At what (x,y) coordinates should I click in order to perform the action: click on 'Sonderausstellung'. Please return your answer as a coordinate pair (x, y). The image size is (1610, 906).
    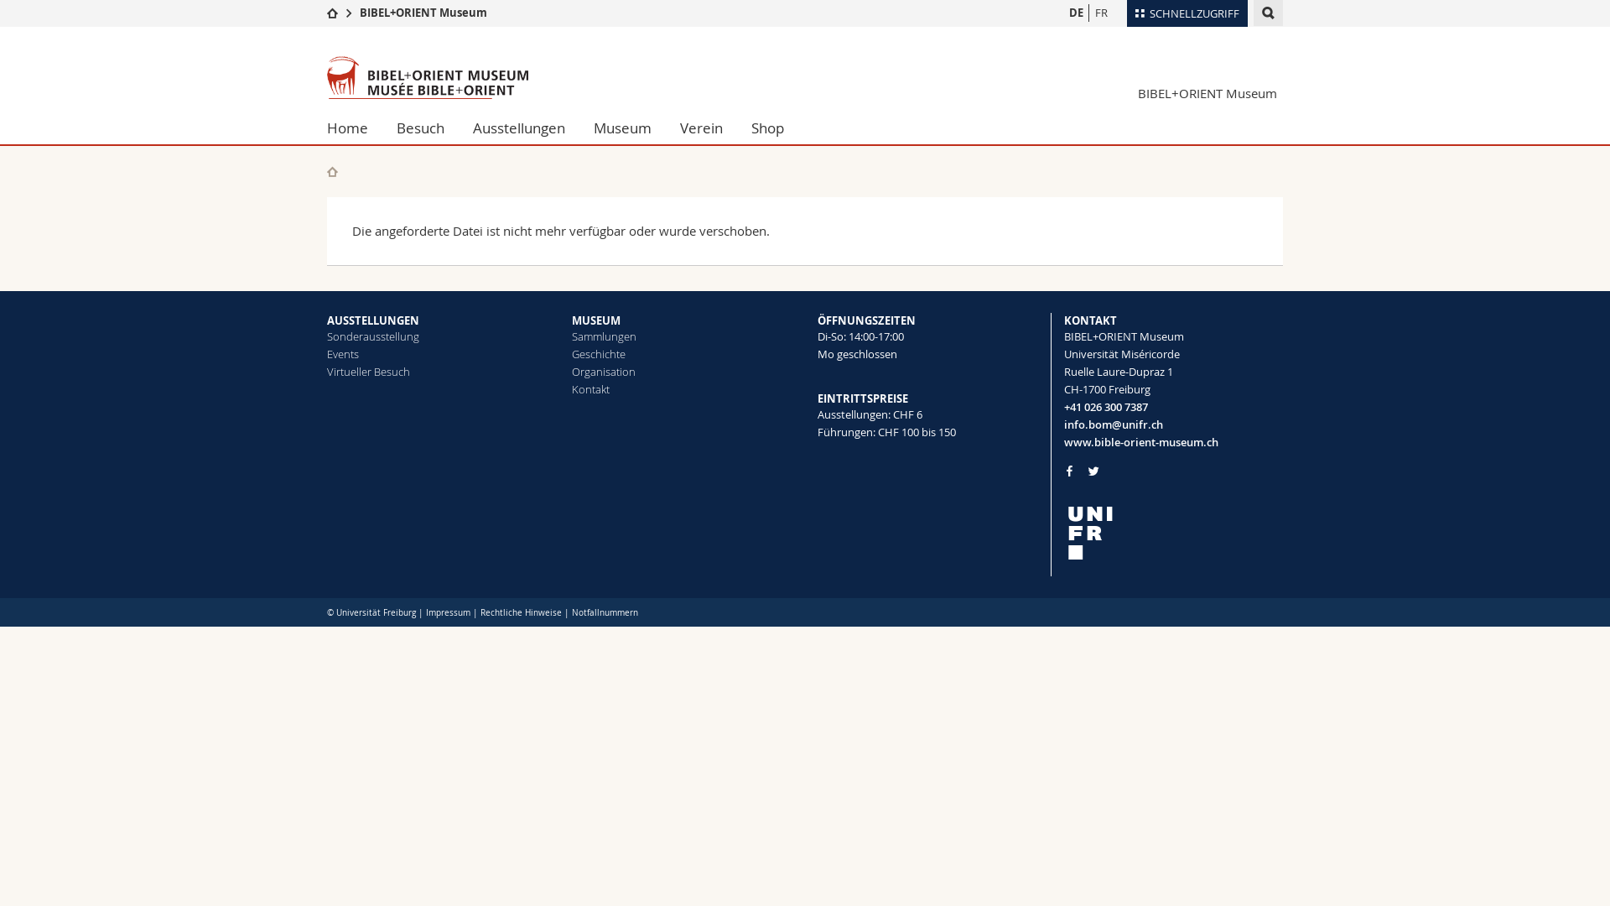
    Looking at the image, I should click on (326, 336).